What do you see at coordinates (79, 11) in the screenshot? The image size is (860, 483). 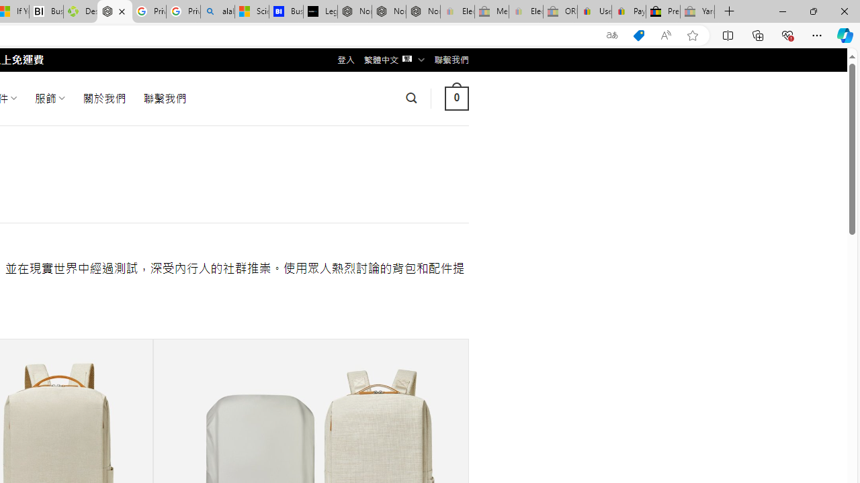 I see `'Descarga Driver Updater'` at bounding box center [79, 11].